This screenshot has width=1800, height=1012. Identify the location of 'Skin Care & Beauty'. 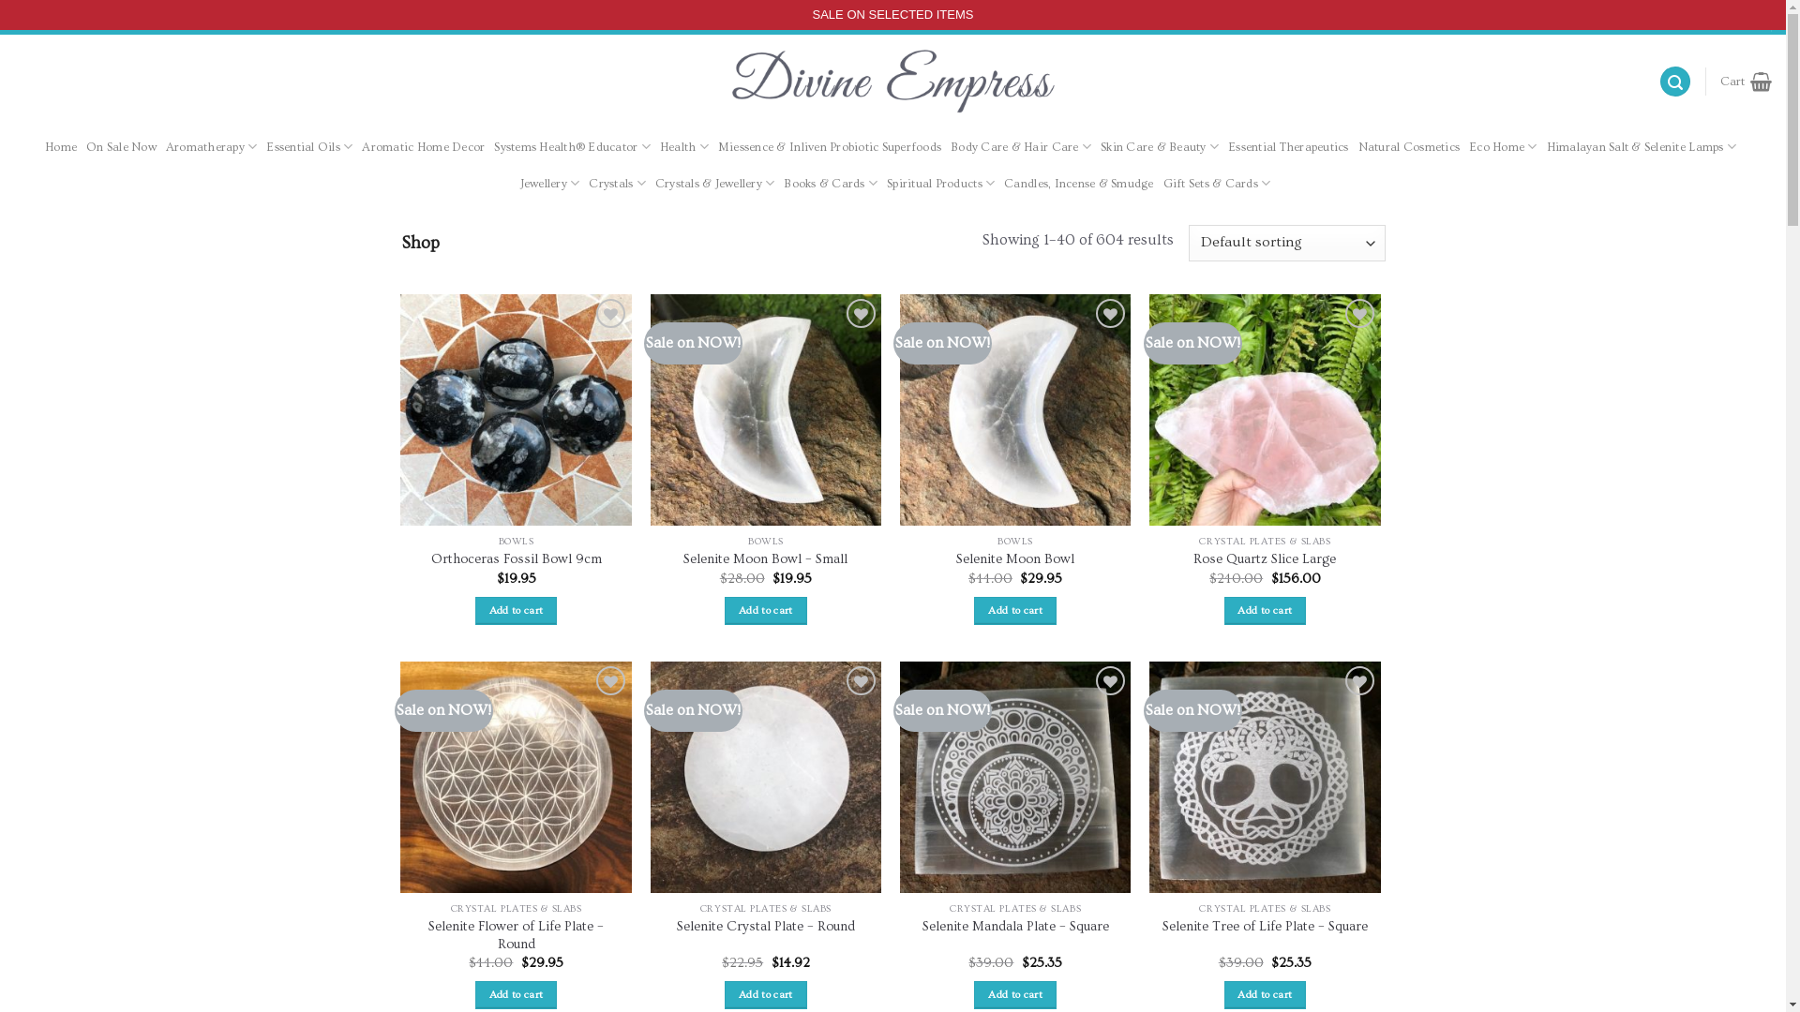
(1159, 145).